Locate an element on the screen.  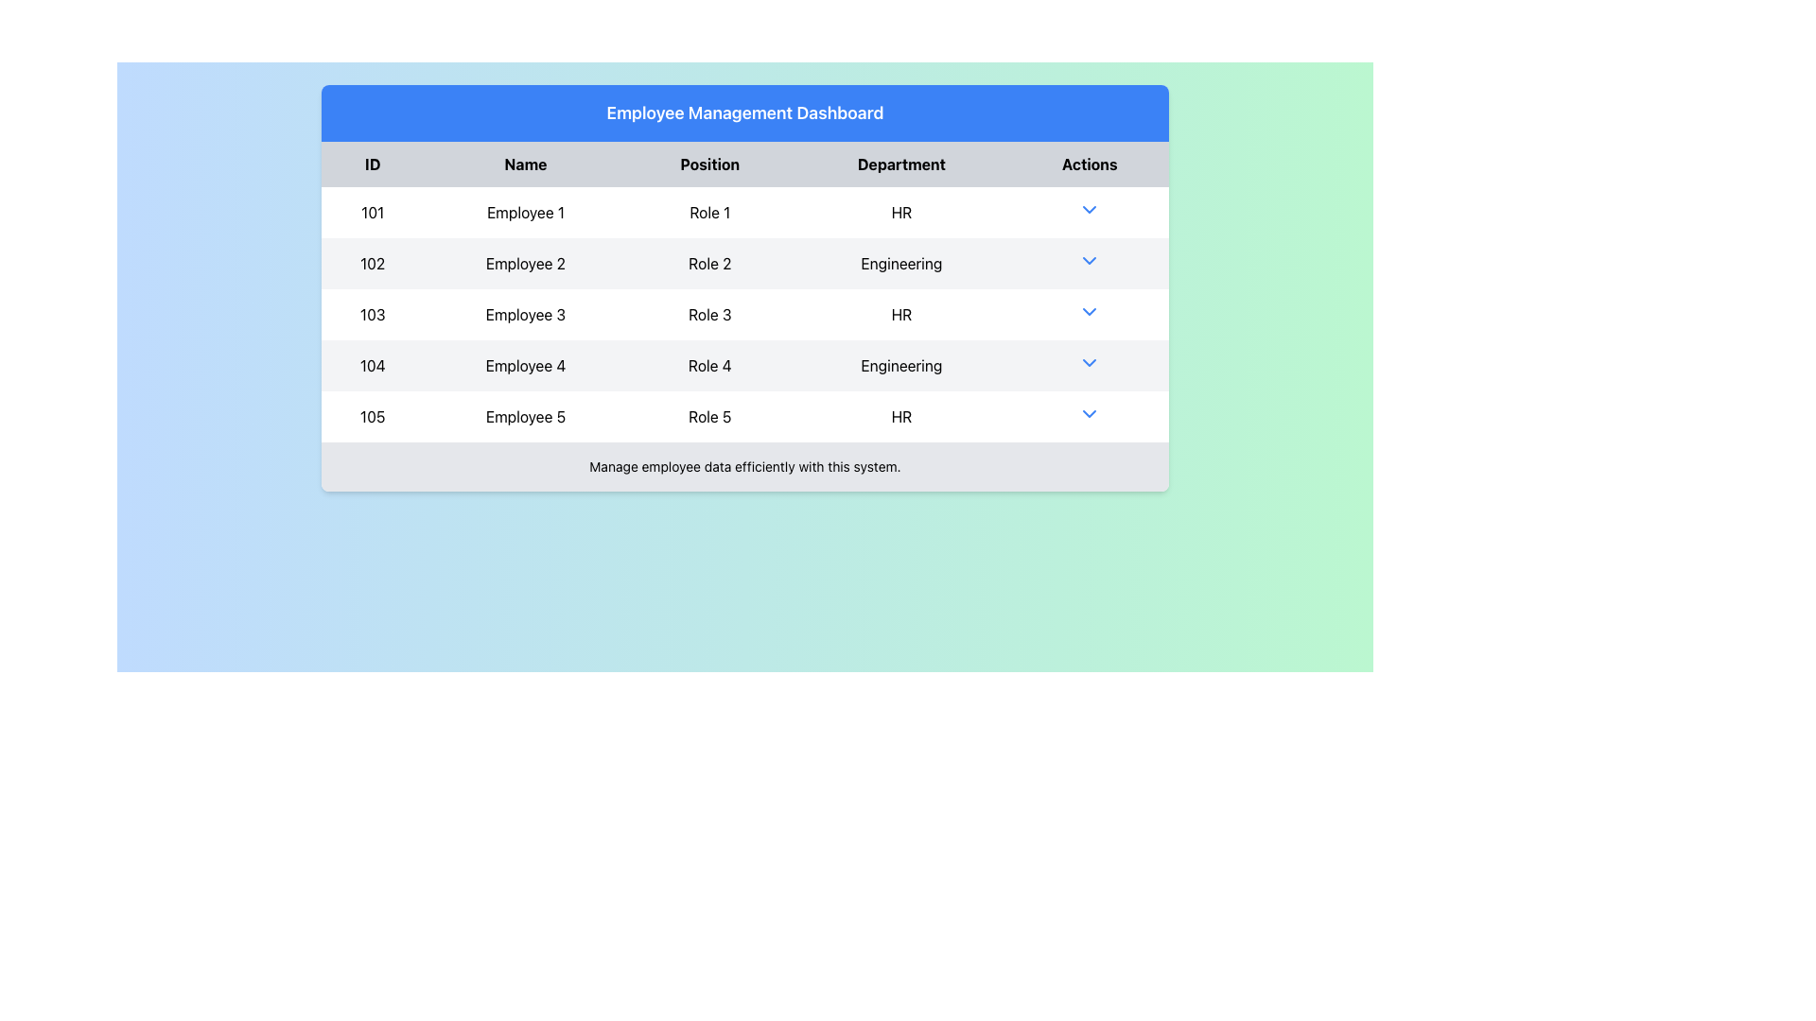
the text-based display element in the third column titled 'Position' of the fifth row in the 'Employee Management Dashboard' table, which represents the position of an employee is located at coordinates (708, 415).